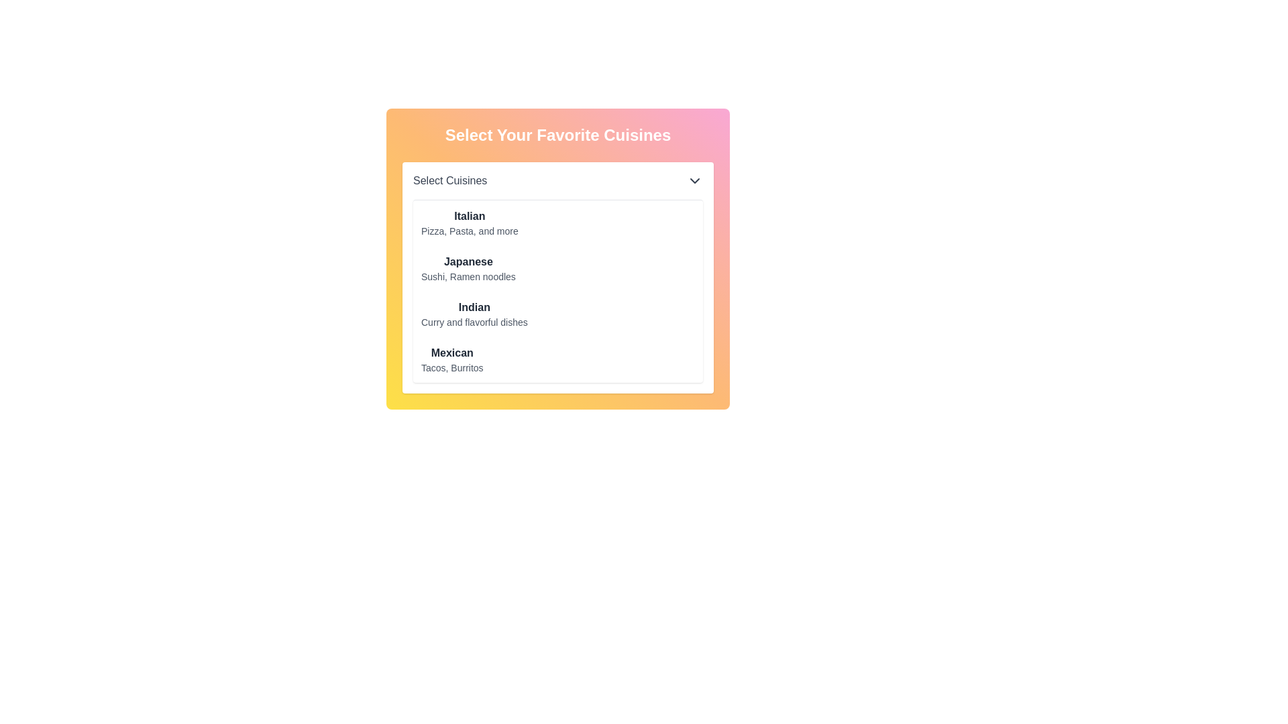 This screenshot has width=1288, height=724. I want to click on the 'Select Cuisines' dropdown button, so click(557, 181).